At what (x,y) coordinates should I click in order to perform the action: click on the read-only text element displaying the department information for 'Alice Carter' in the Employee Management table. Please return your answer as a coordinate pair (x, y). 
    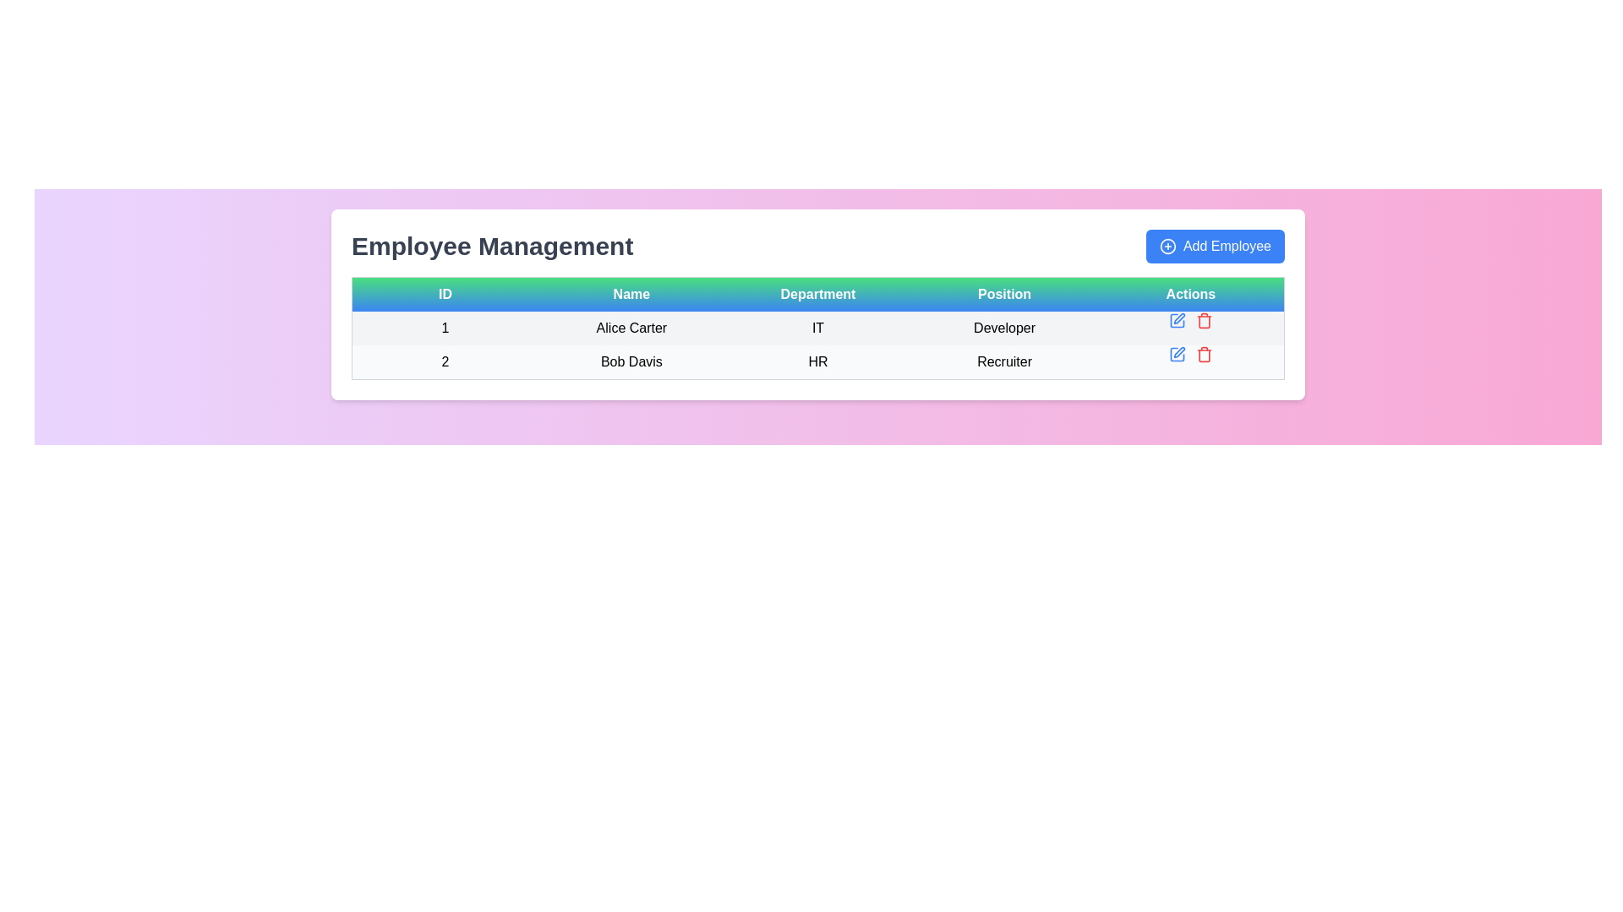
    Looking at the image, I should click on (818, 328).